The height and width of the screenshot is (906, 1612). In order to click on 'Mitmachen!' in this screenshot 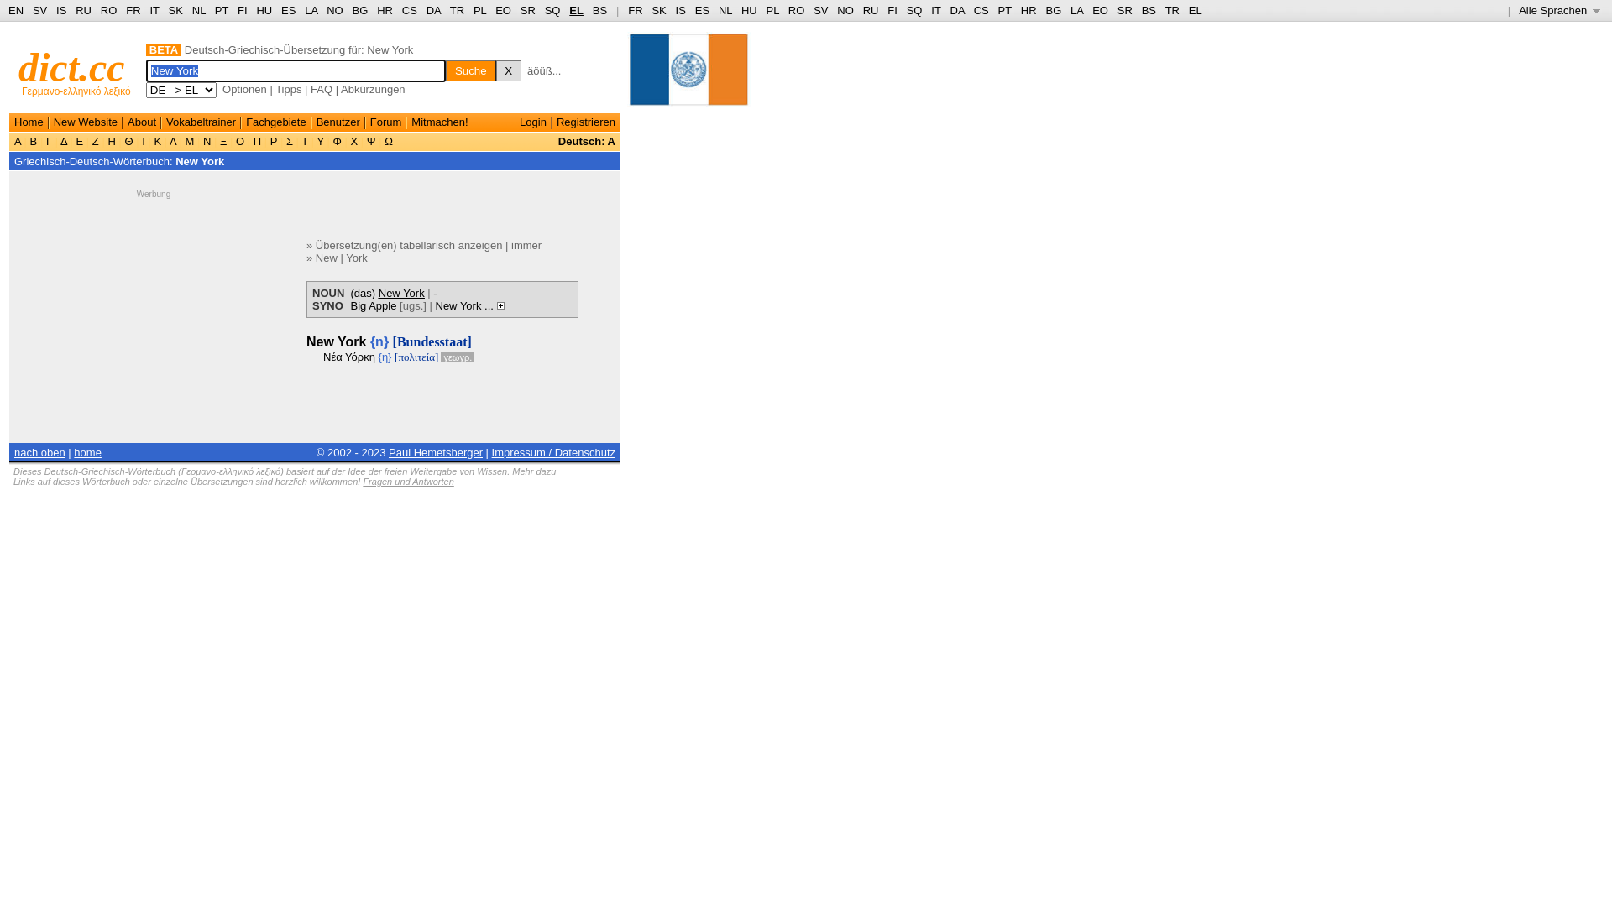, I will do `click(411, 121)`.